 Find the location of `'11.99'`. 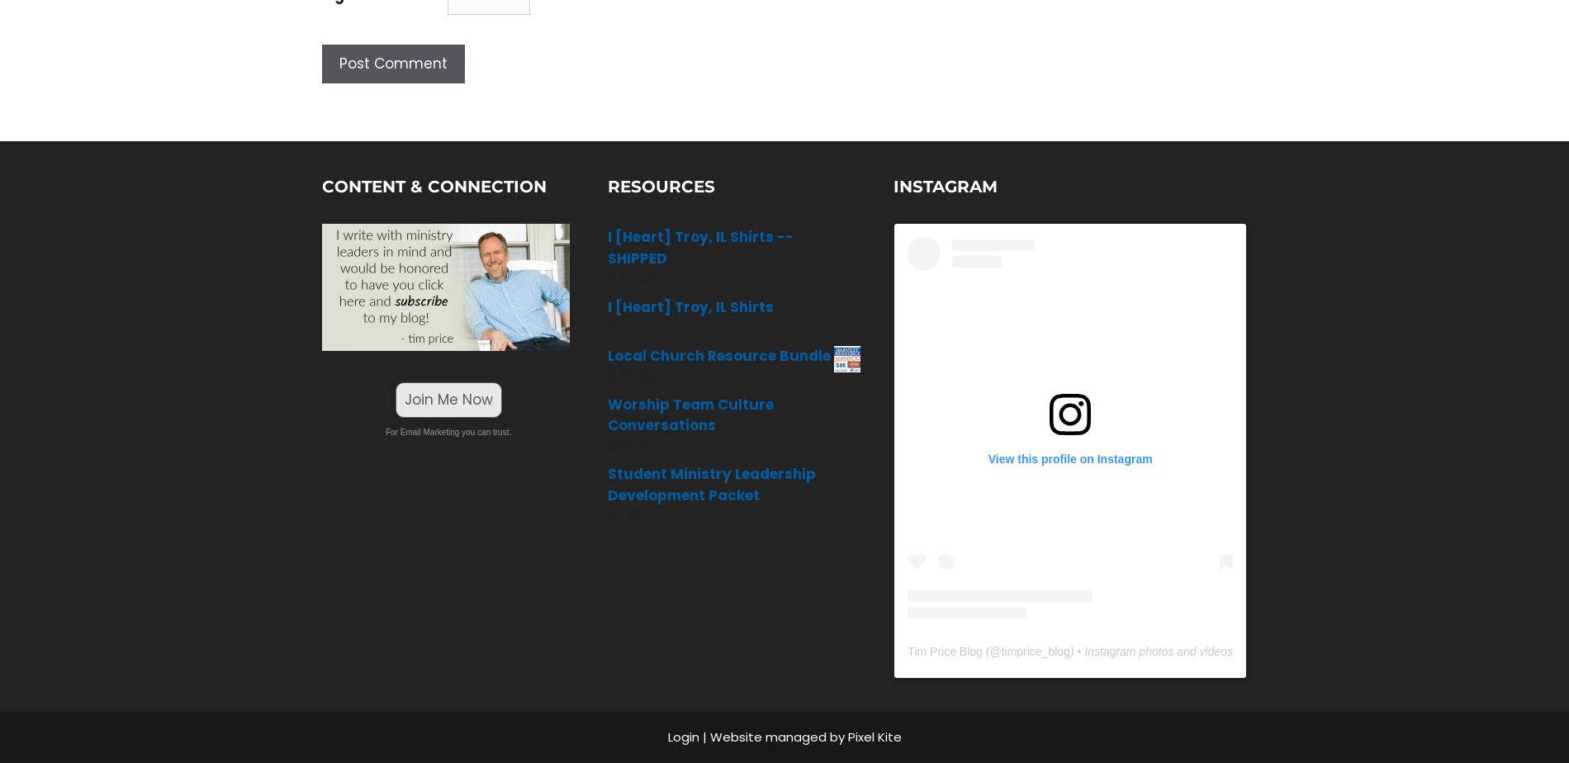

'11.99' is located at coordinates (630, 515).